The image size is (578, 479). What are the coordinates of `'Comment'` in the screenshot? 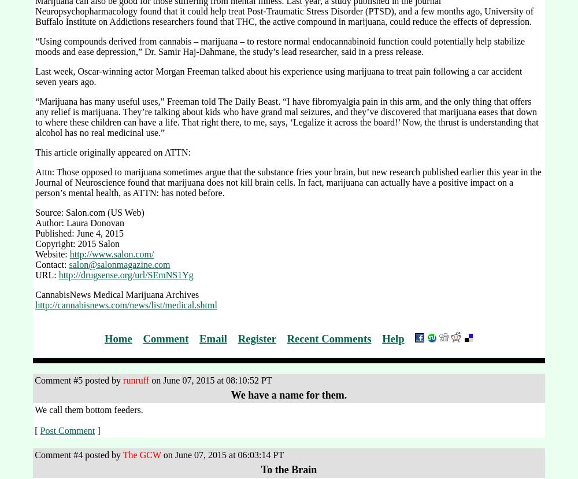 It's located at (165, 338).